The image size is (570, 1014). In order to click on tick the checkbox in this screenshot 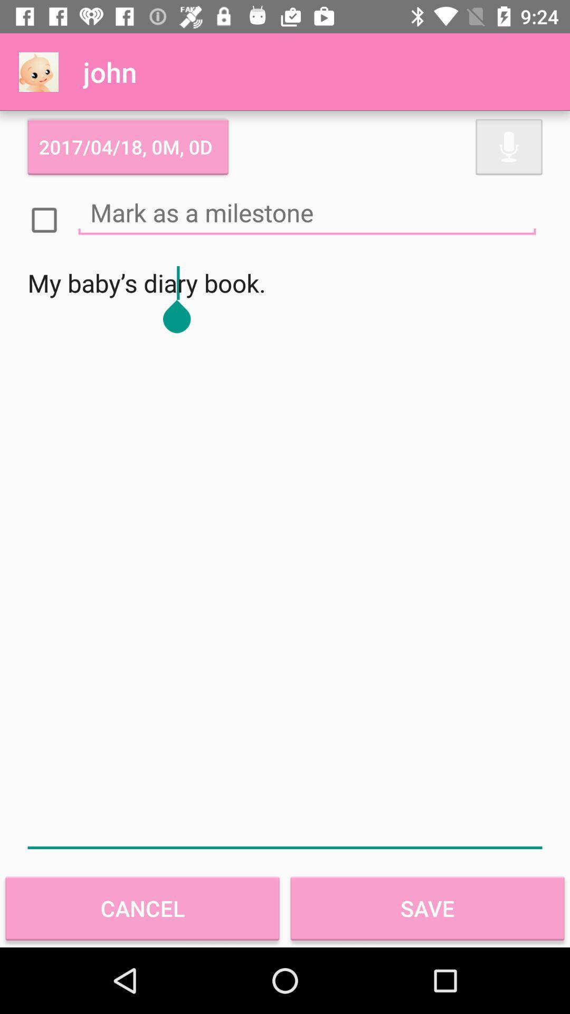, I will do `click(44, 220)`.